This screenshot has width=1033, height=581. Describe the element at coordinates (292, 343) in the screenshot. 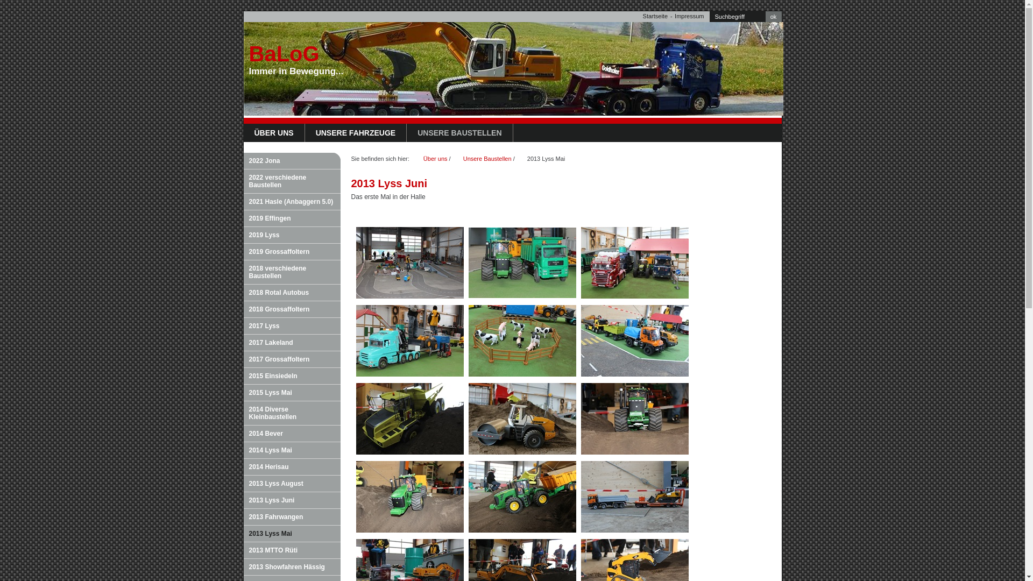

I see `'2017 Lakeland'` at that location.